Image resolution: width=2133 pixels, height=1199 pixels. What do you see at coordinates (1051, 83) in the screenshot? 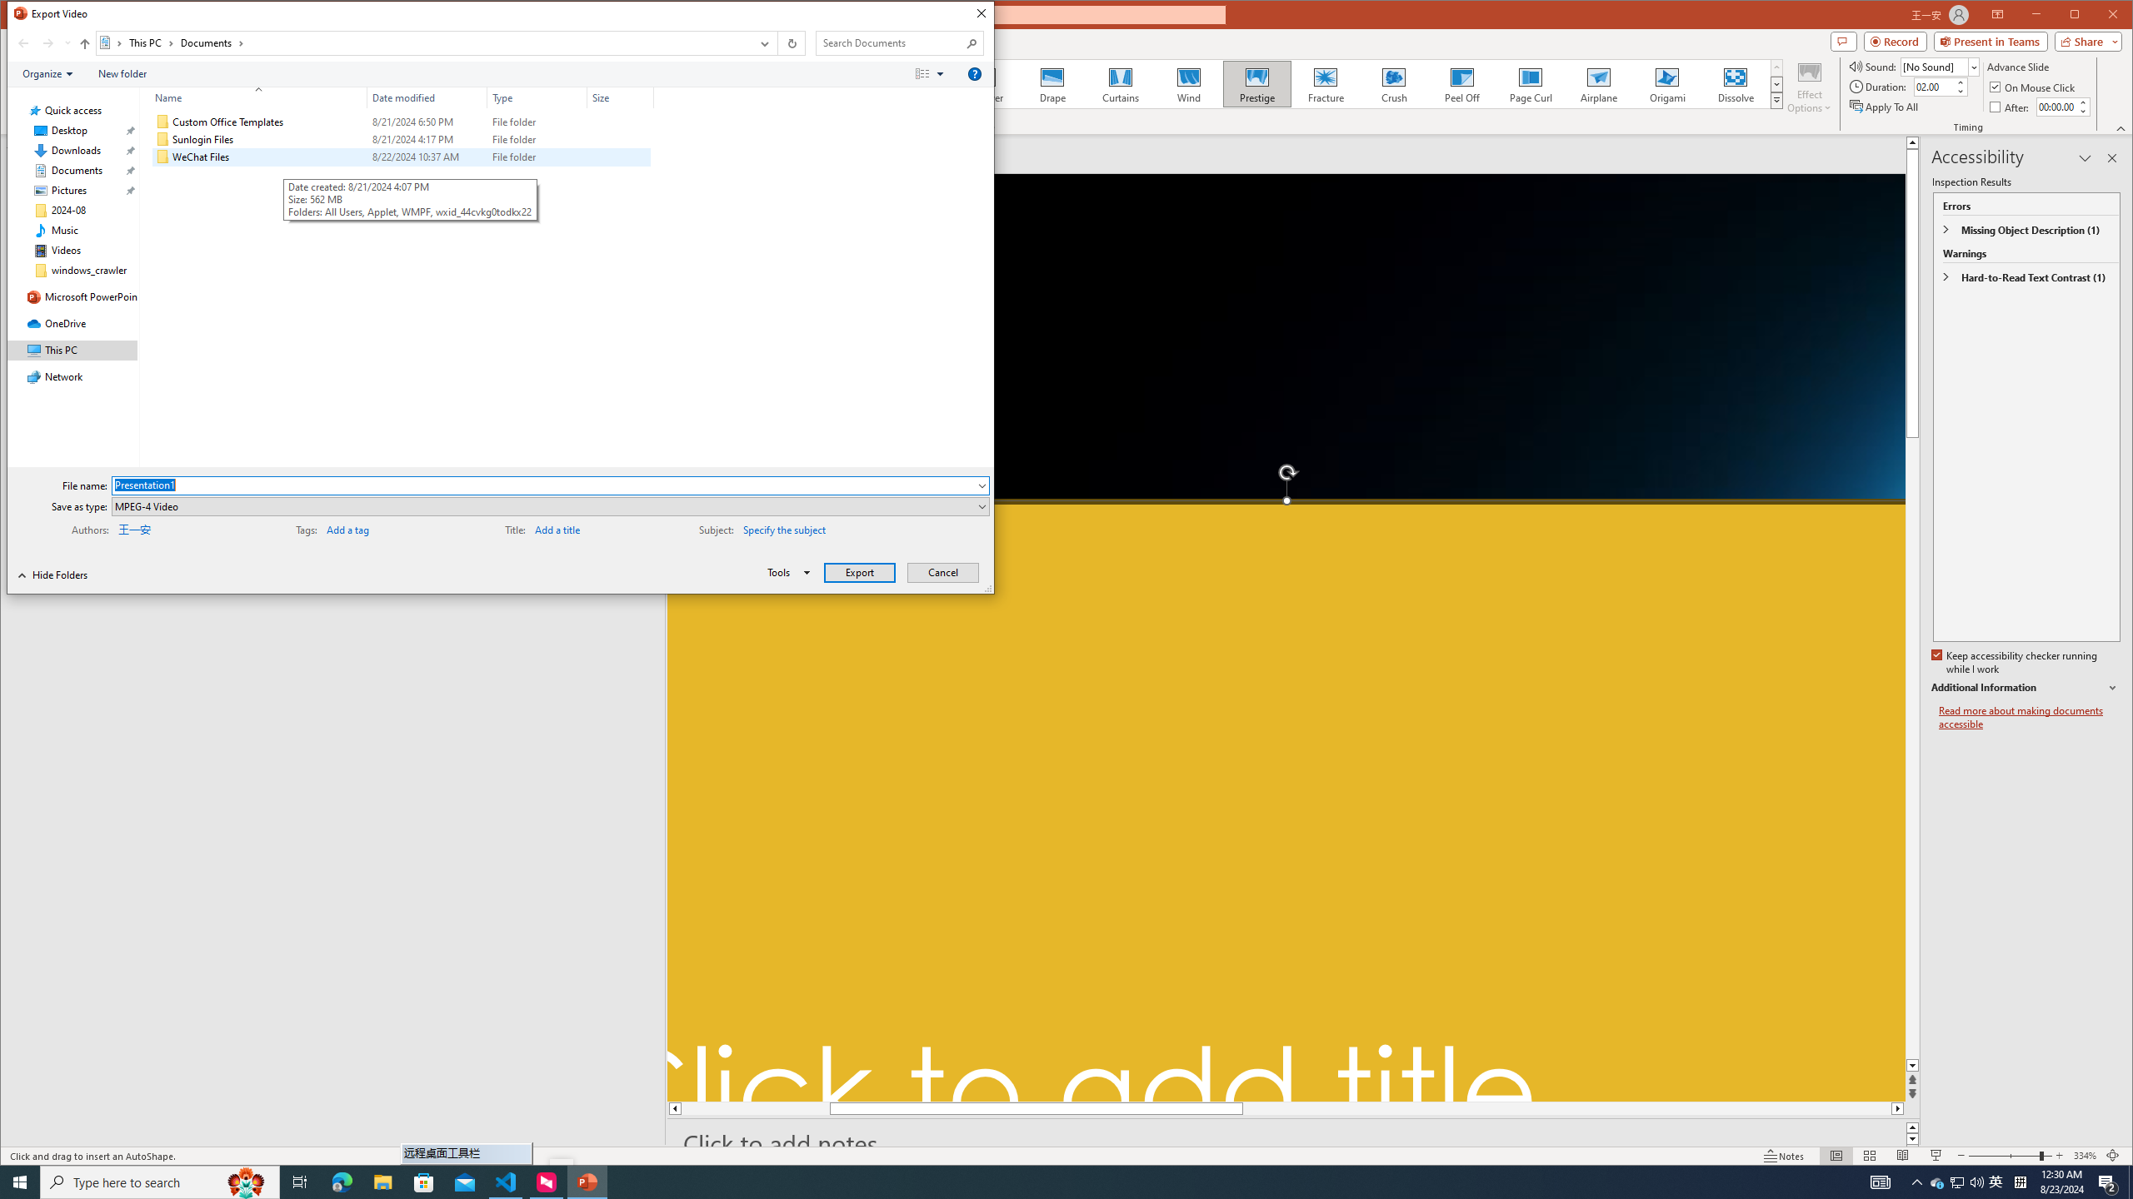
I see `'Drape'` at bounding box center [1051, 83].